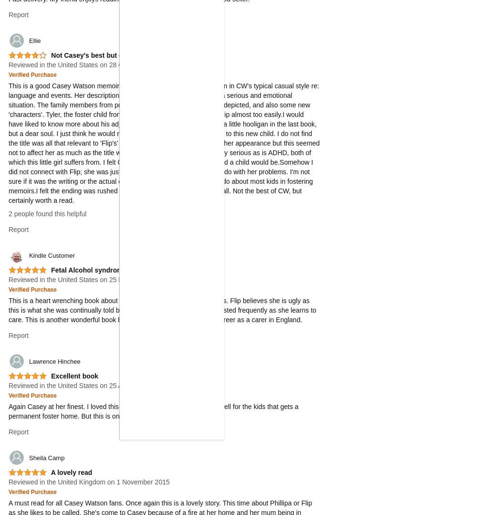 Image resolution: width=477 pixels, height=515 pixels. Describe the element at coordinates (52, 255) in the screenshot. I see `'Kindle Customer'` at that location.